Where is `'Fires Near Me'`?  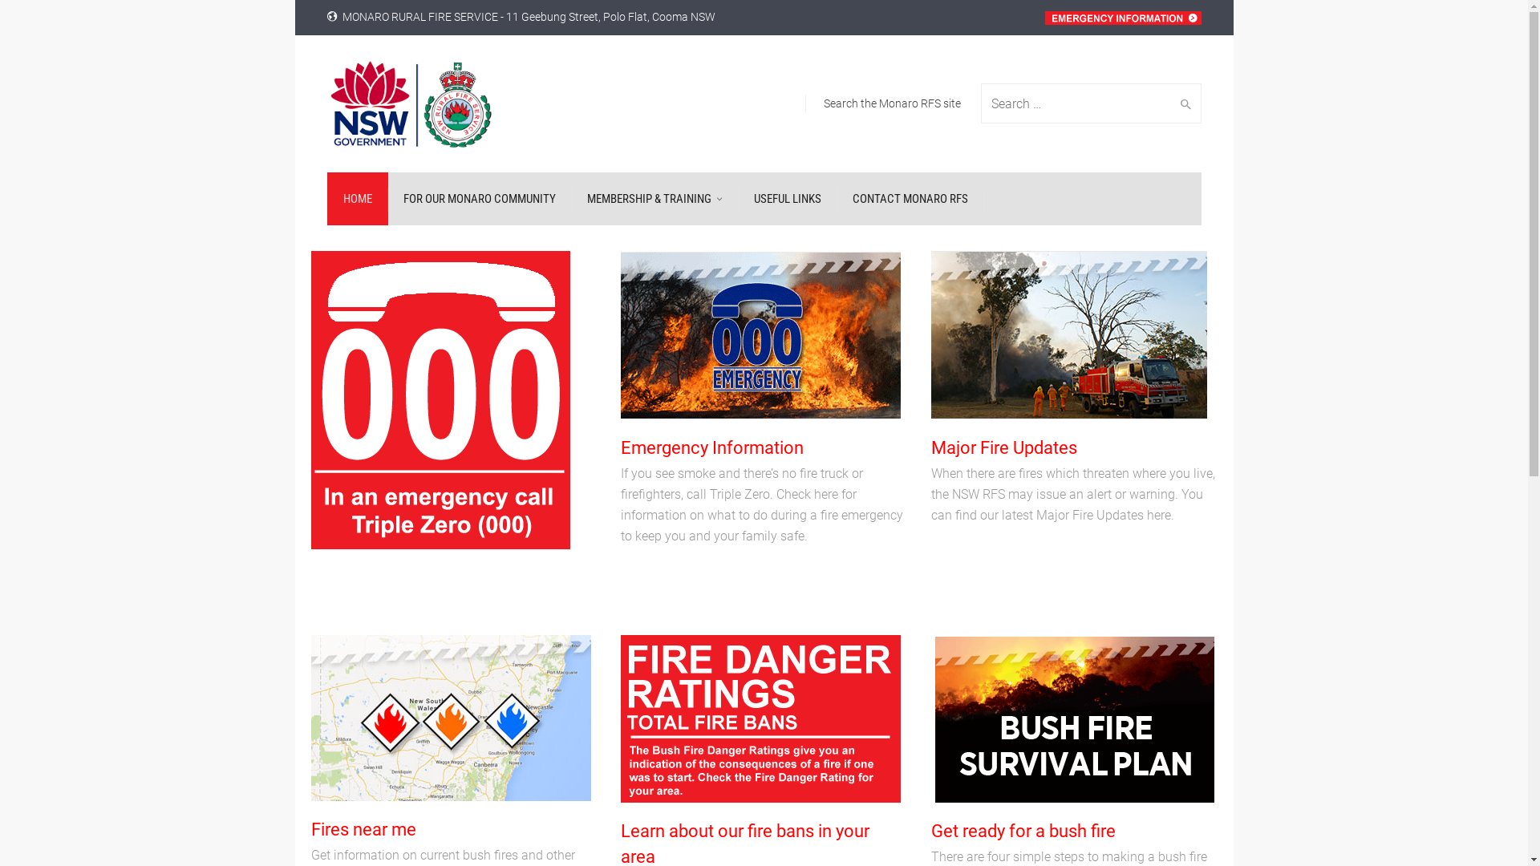 'Fires Near Me' is located at coordinates (450, 717).